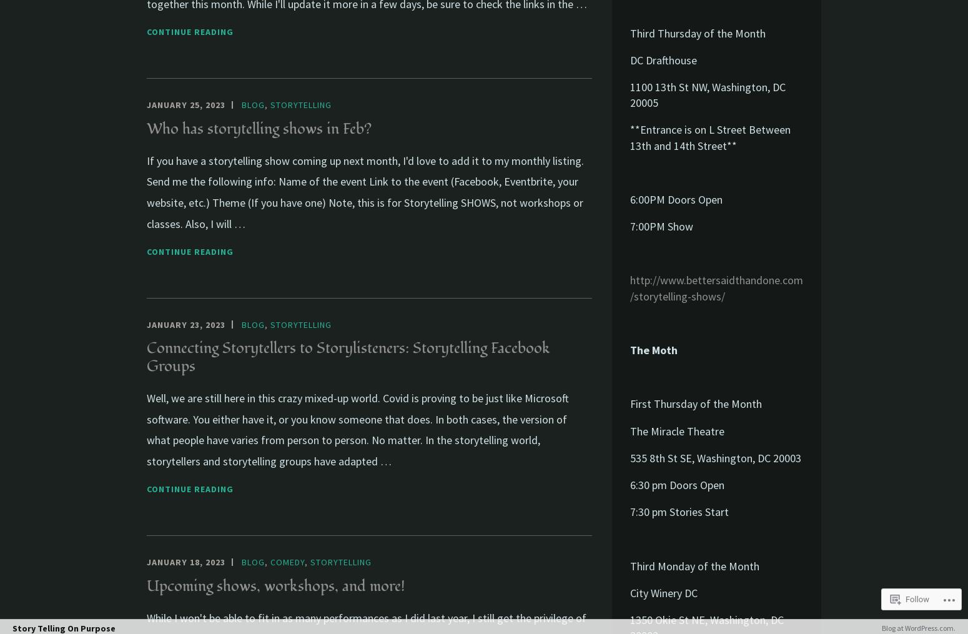 Image resolution: width=968 pixels, height=634 pixels. What do you see at coordinates (365, 191) in the screenshot?
I see `'If you have a storytelling show coming up next month, I'd love to add it to my monthly listing. Send me the following info: Name of the event Link to the event (Facebook, Eventbrite, your website, etc.) Theme (If you have one) Note, this is for Storytelling SHOWS, not workshops or classes. Also, I will …'` at bounding box center [365, 191].